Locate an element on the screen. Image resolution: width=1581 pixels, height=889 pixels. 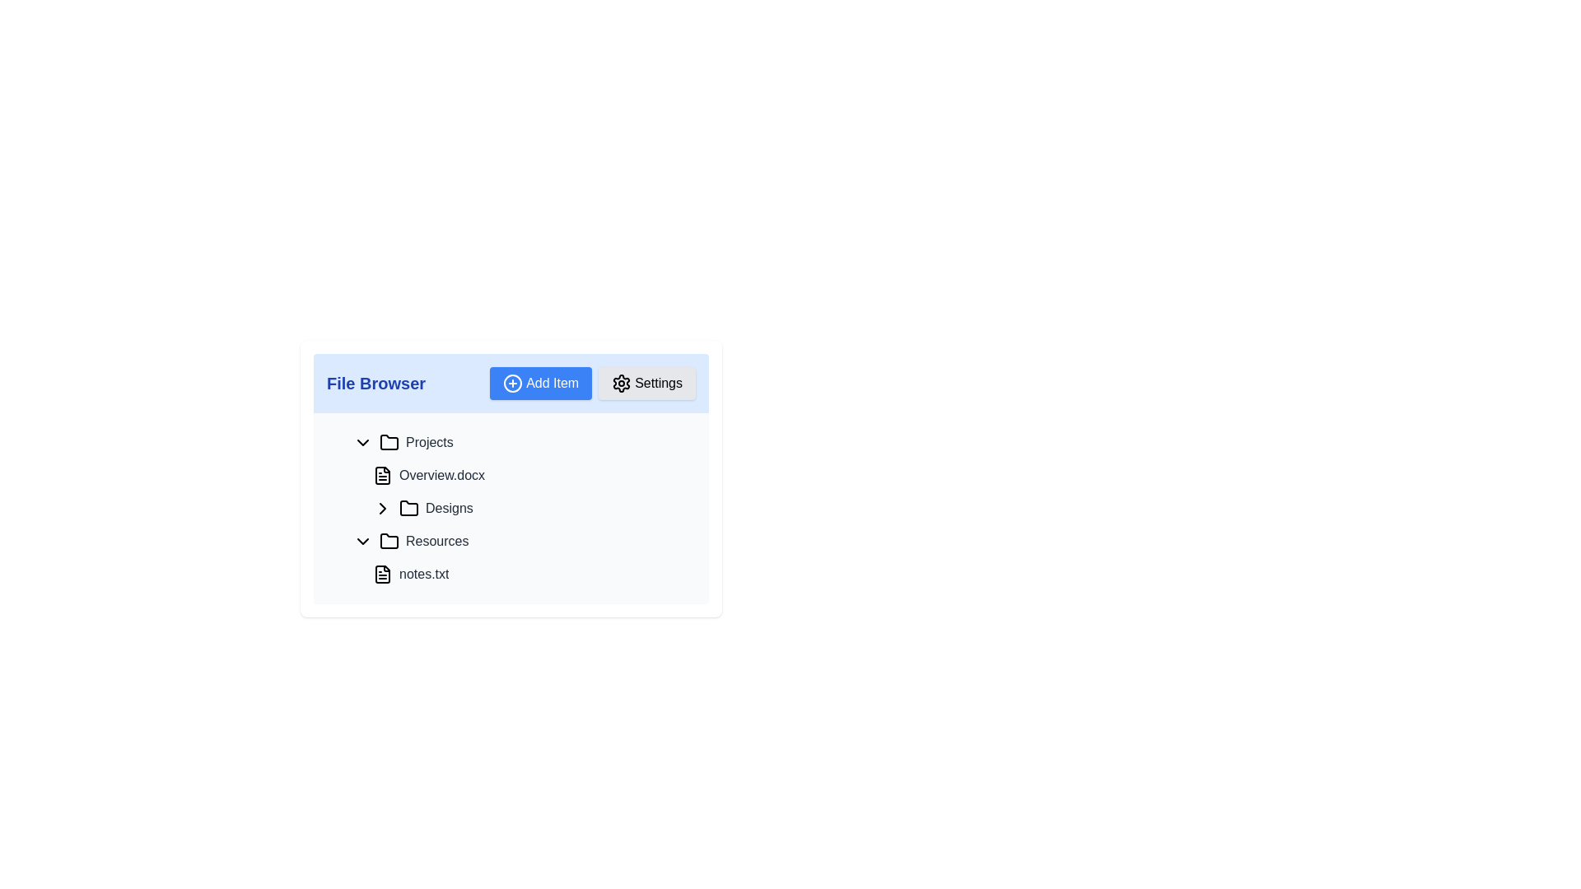
the right-facing chevron icon located within the second item of a hierarchical list, which is used for navigation or expansion is located at coordinates (382, 507).